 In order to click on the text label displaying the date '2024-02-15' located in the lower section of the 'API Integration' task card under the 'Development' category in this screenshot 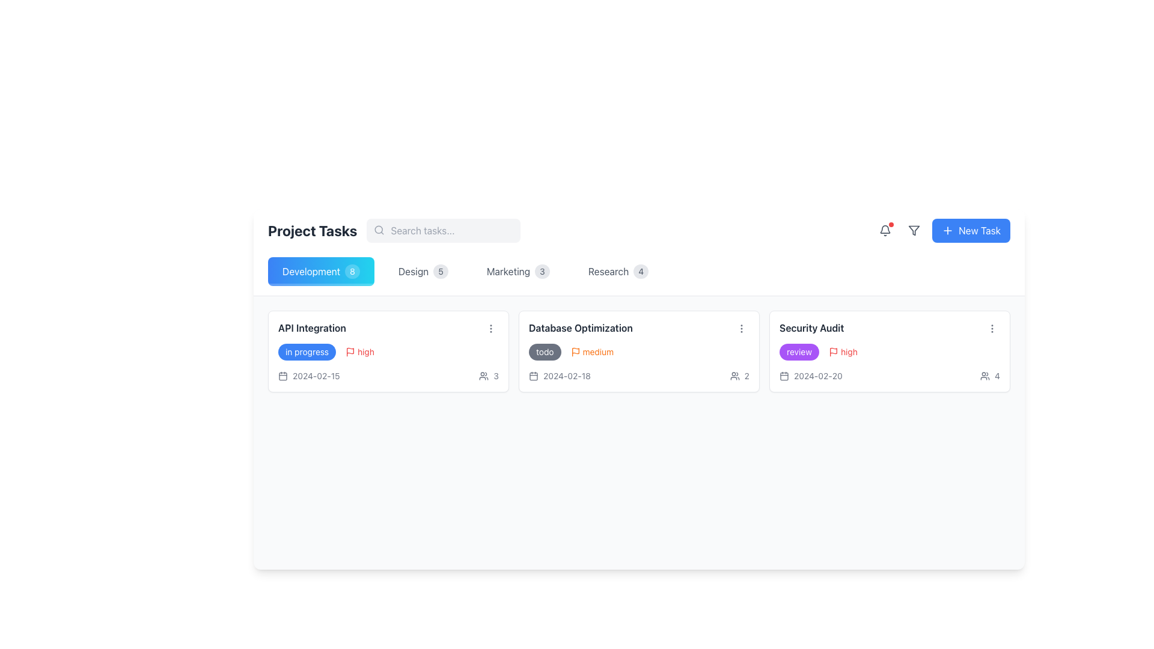, I will do `click(316, 375)`.